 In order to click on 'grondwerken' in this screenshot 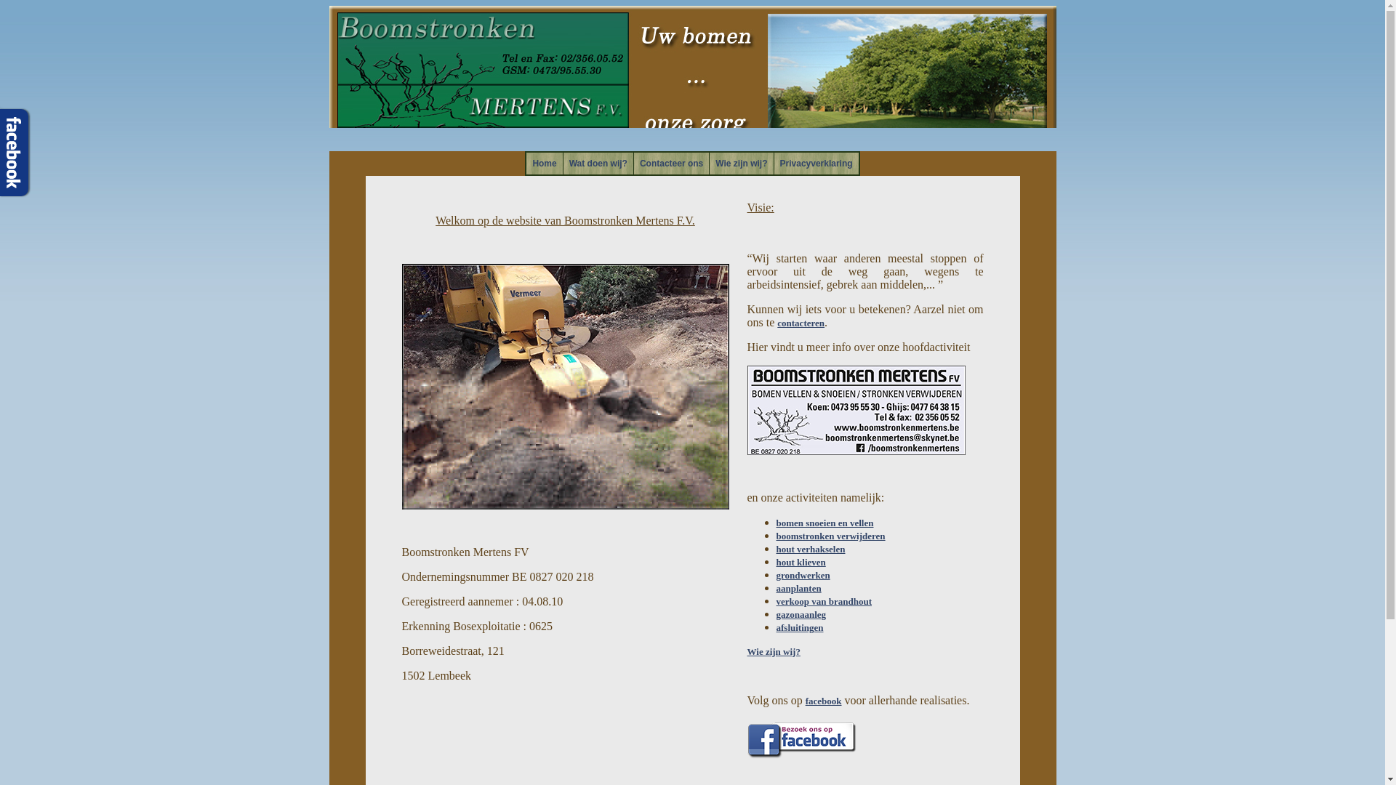, I will do `click(802, 574)`.